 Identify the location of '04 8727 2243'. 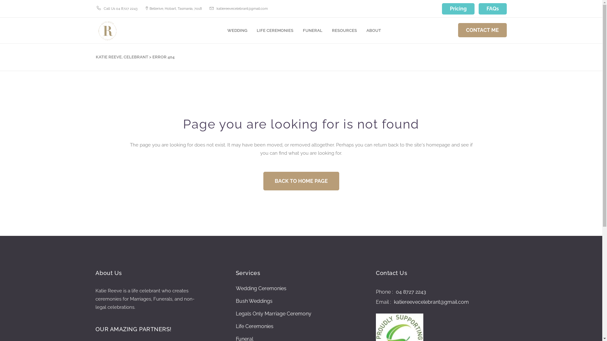
(410, 292).